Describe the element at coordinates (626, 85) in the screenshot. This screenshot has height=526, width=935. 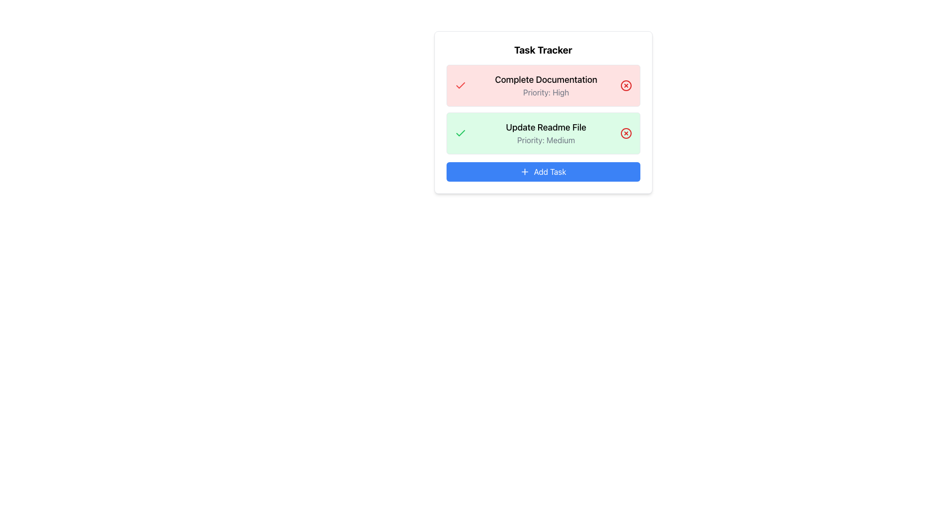
I see `the circular close button with a red stroke that contains an 'X' icon, located on the right side of the 'Complete Documentation' task row` at that location.